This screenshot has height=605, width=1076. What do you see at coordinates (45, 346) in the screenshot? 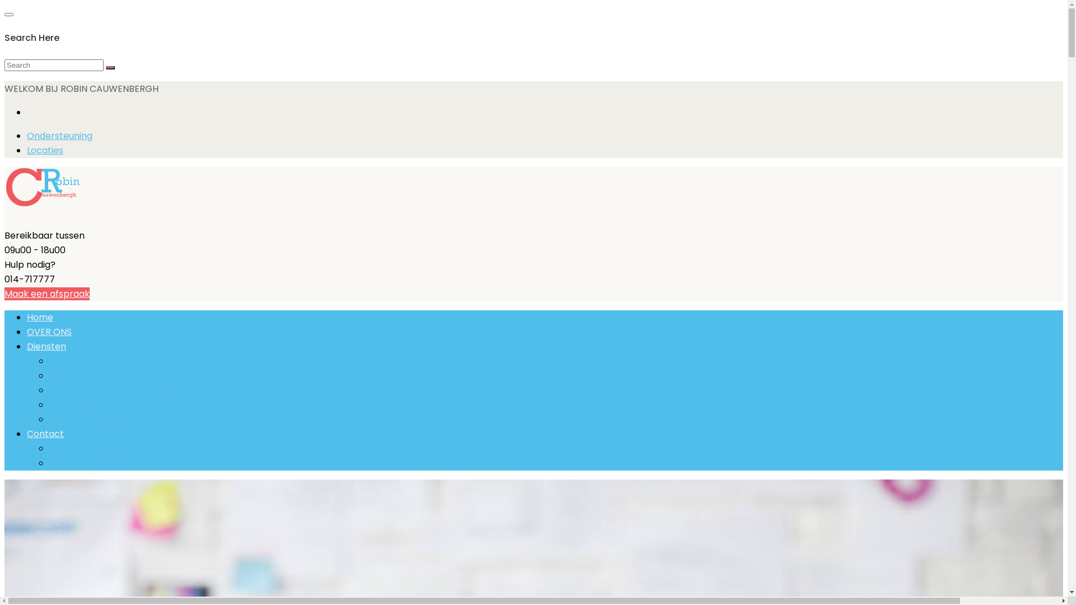
I see `'Diensten'` at bounding box center [45, 346].